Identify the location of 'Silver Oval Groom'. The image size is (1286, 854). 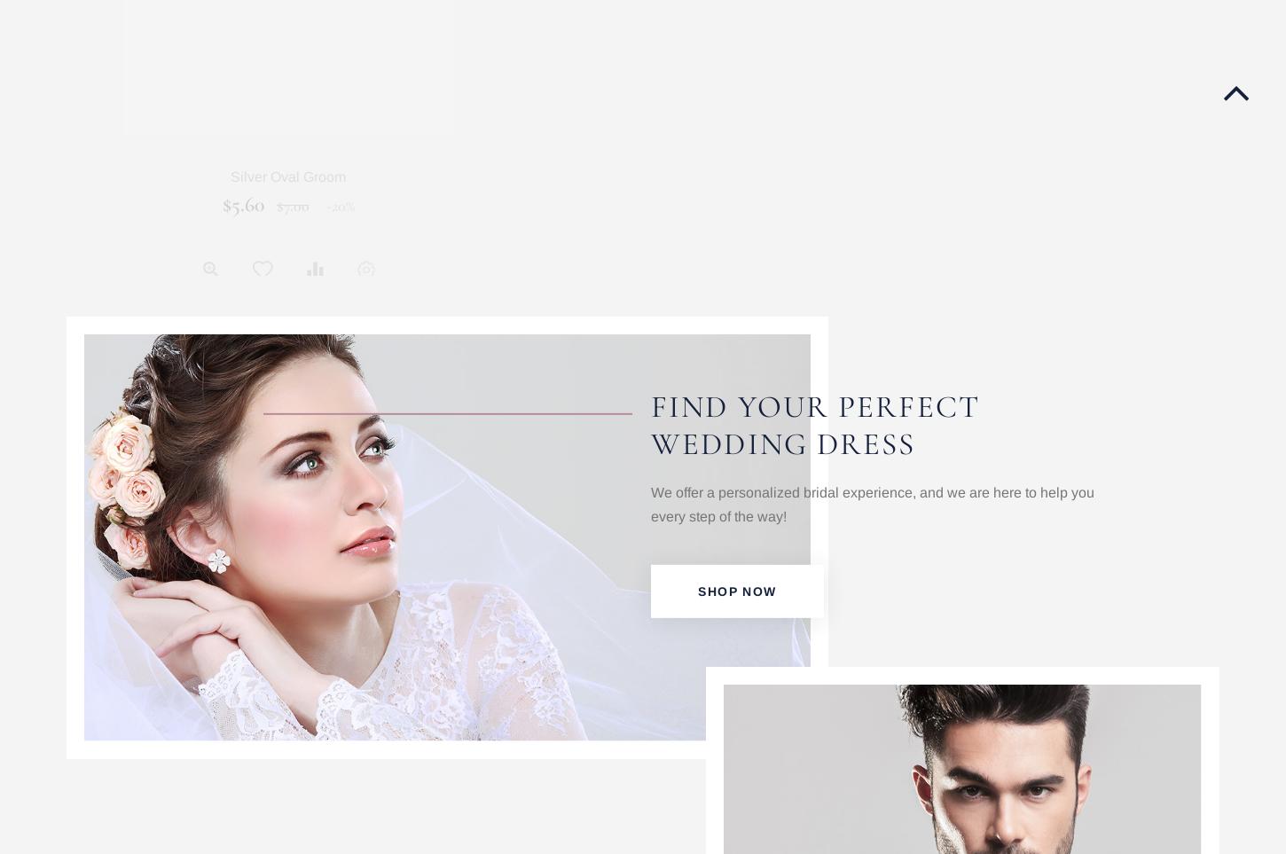
(287, 175).